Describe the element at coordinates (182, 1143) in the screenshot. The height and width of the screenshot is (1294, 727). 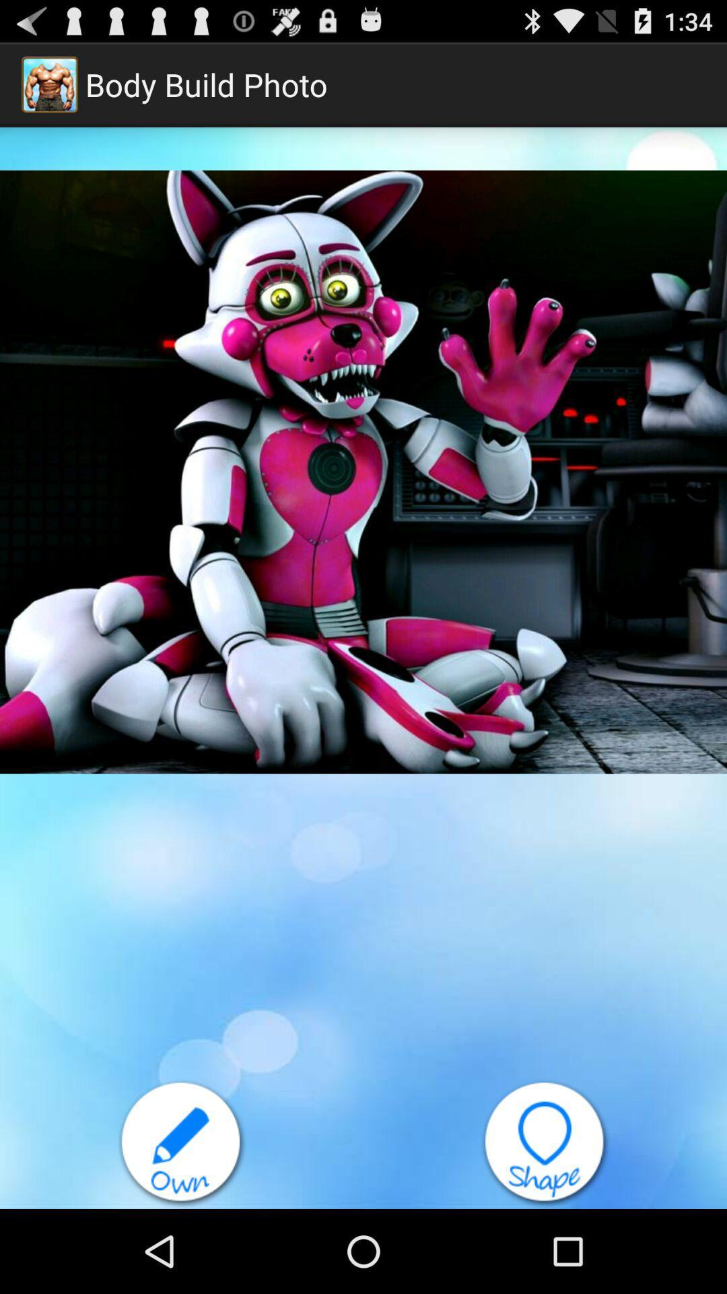
I see `your own` at that location.